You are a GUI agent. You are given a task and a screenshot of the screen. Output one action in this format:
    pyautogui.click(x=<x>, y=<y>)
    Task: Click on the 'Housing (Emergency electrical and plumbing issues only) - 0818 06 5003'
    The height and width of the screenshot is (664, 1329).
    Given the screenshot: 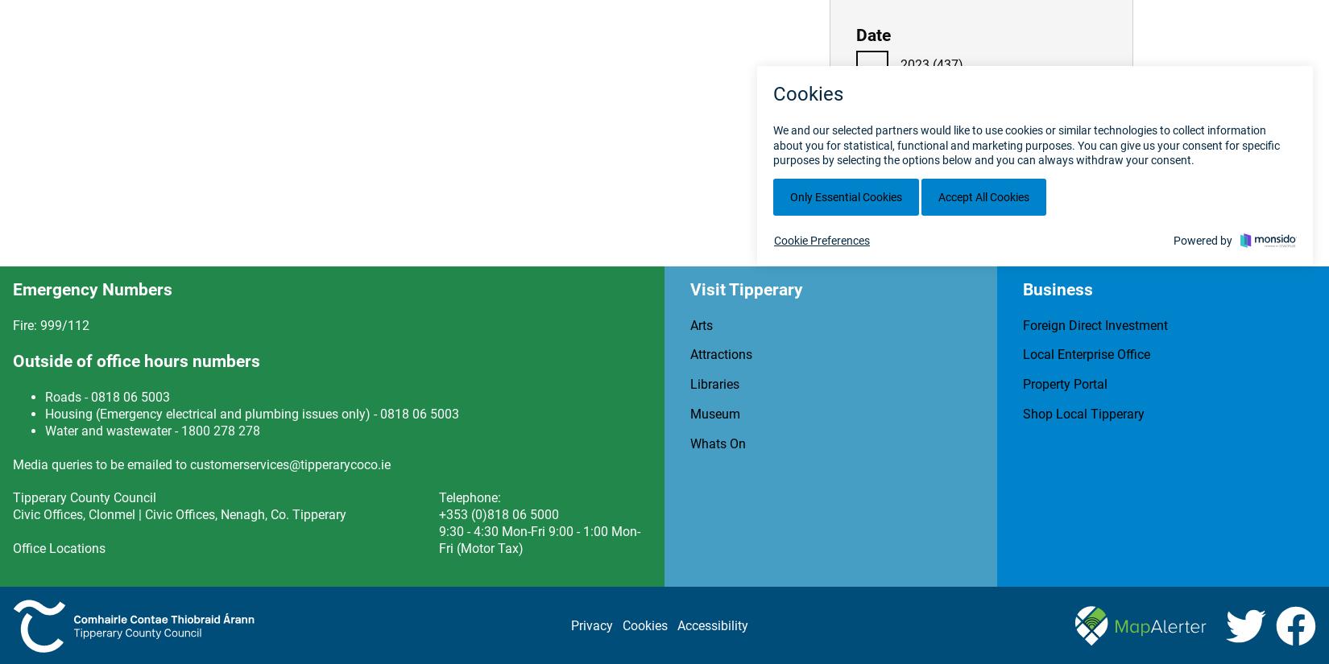 What is the action you would take?
    pyautogui.click(x=252, y=413)
    